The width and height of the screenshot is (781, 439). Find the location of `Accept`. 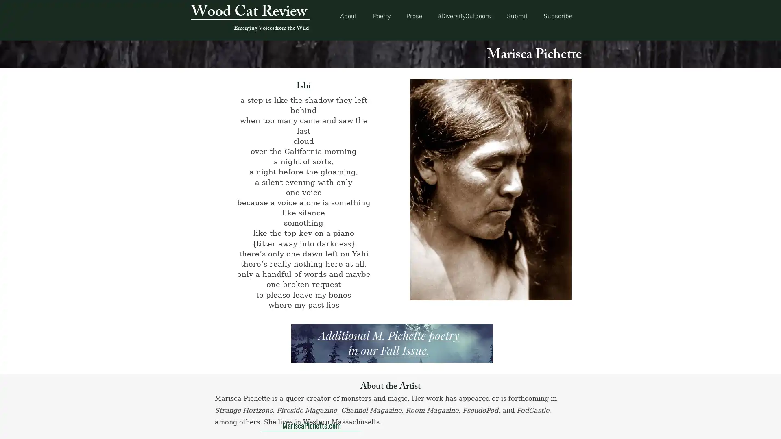

Accept is located at coordinates (744, 426).